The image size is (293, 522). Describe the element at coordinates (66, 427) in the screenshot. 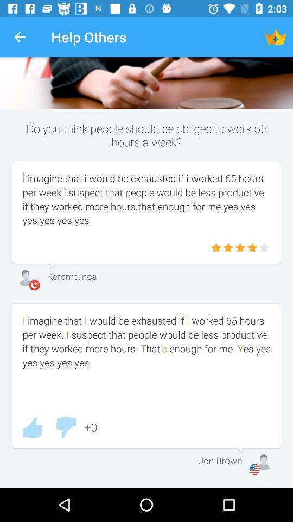

I see `thumbs down/ dislike` at that location.